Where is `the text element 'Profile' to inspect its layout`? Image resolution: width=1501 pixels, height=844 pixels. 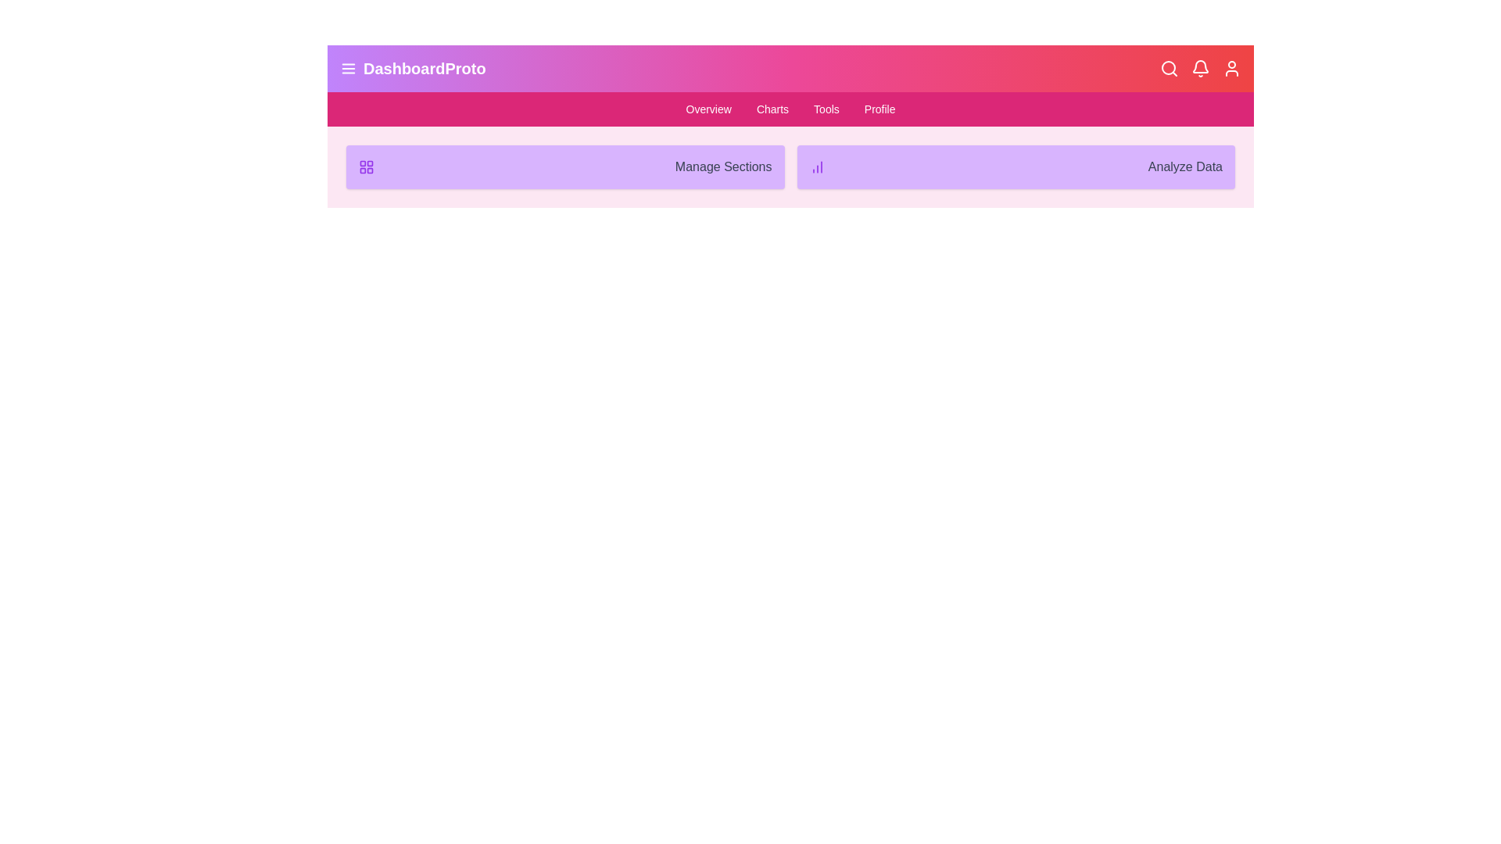 the text element 'Profile' to inspect its layout is located at coordinates (879, 108).